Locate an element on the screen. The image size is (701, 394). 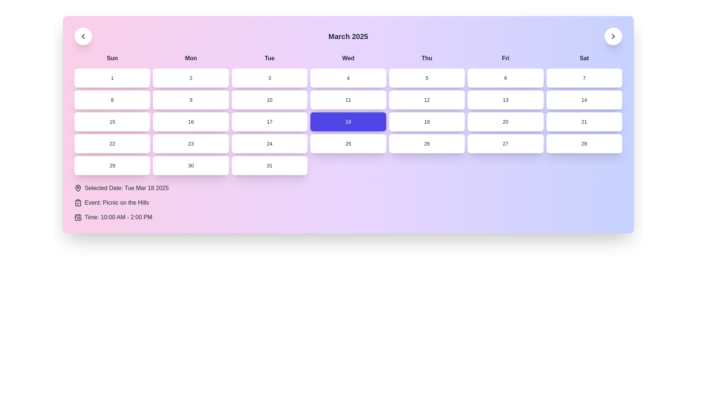
the button element displaying the number '6' in a calendar-style grid is located at coordinates (505, 78).